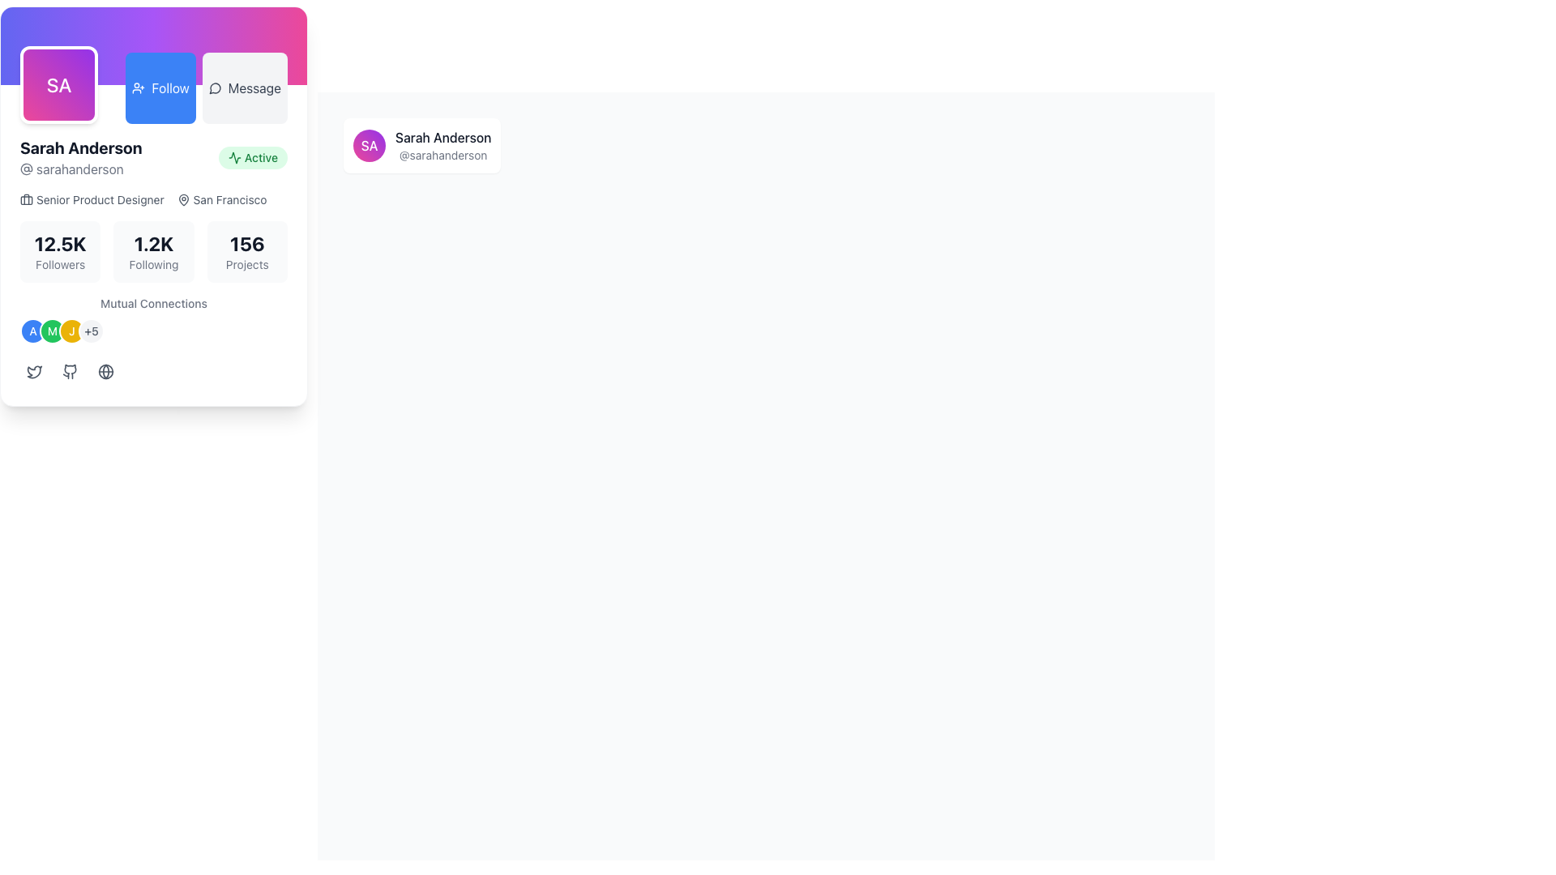  I want to click on the GitHub icon located at the bottom left of the user's profile card, so click(69, 372).